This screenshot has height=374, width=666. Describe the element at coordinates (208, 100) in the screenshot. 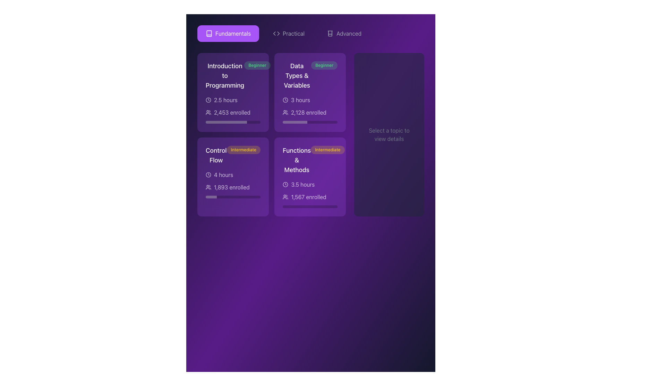

I see `the clock icon representing the duration of the course 'Introduction to Programming' located on the left side of the text '2.5 hours'` at that location.